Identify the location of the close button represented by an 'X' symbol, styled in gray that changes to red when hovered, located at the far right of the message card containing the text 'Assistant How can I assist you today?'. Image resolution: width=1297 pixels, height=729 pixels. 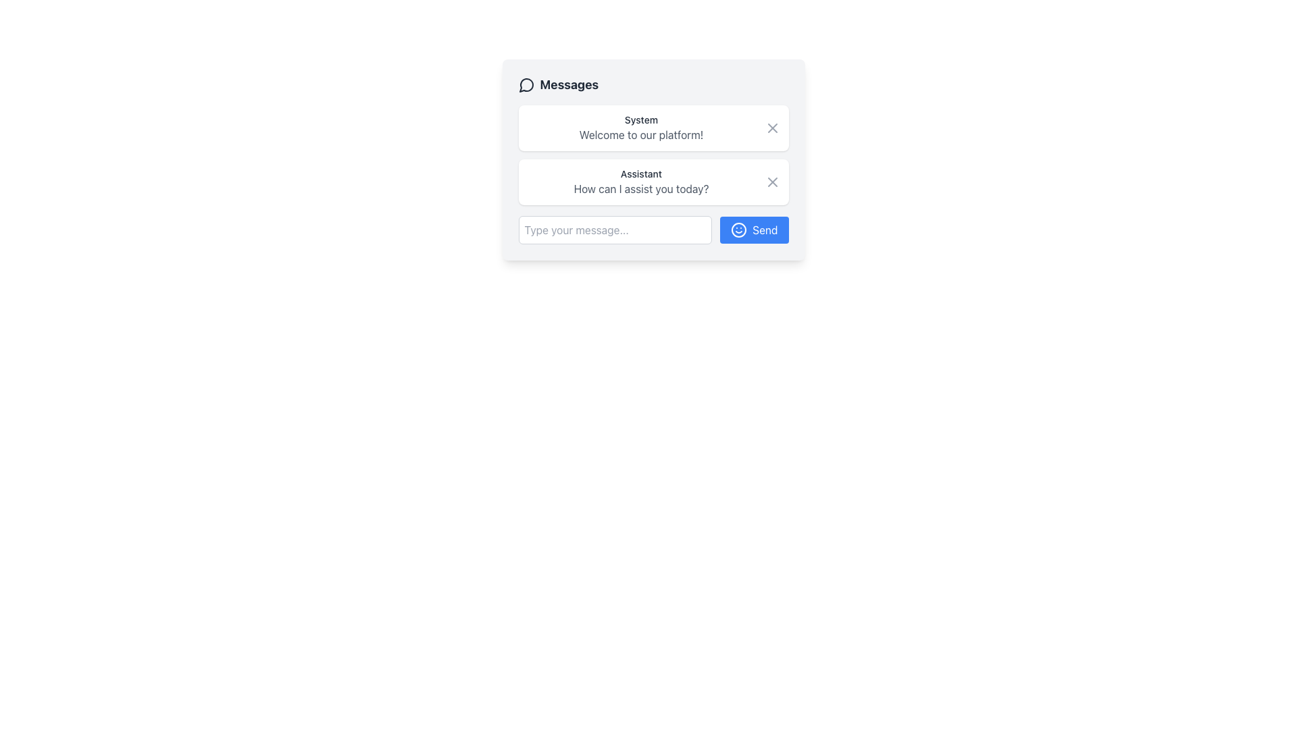
(772, 182).